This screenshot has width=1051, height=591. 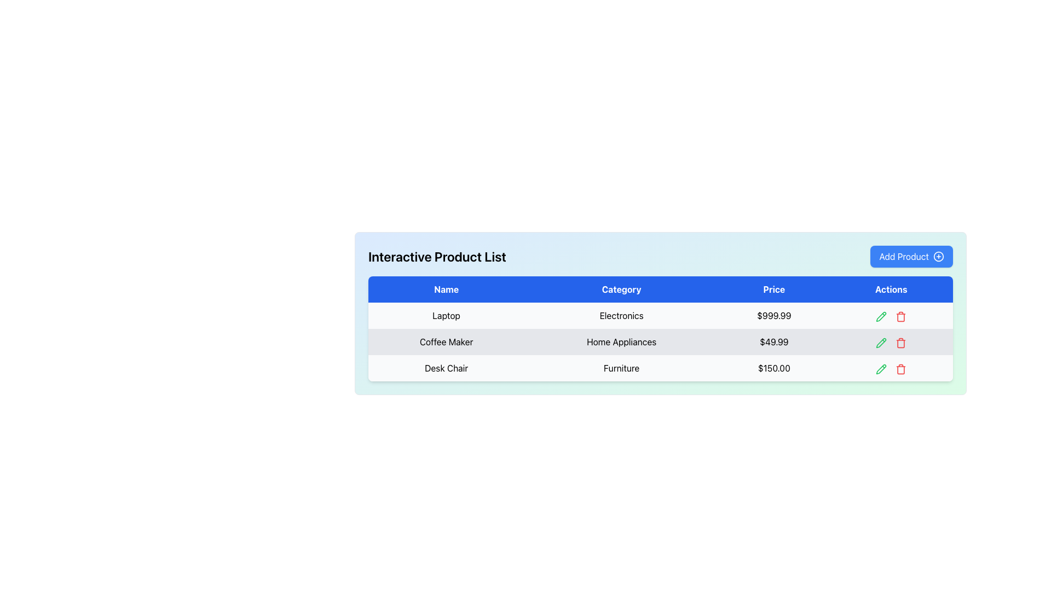 I want to click on the edit button icon located in the 'Actions' column of the second row of the table, so click(x=881, y=341).